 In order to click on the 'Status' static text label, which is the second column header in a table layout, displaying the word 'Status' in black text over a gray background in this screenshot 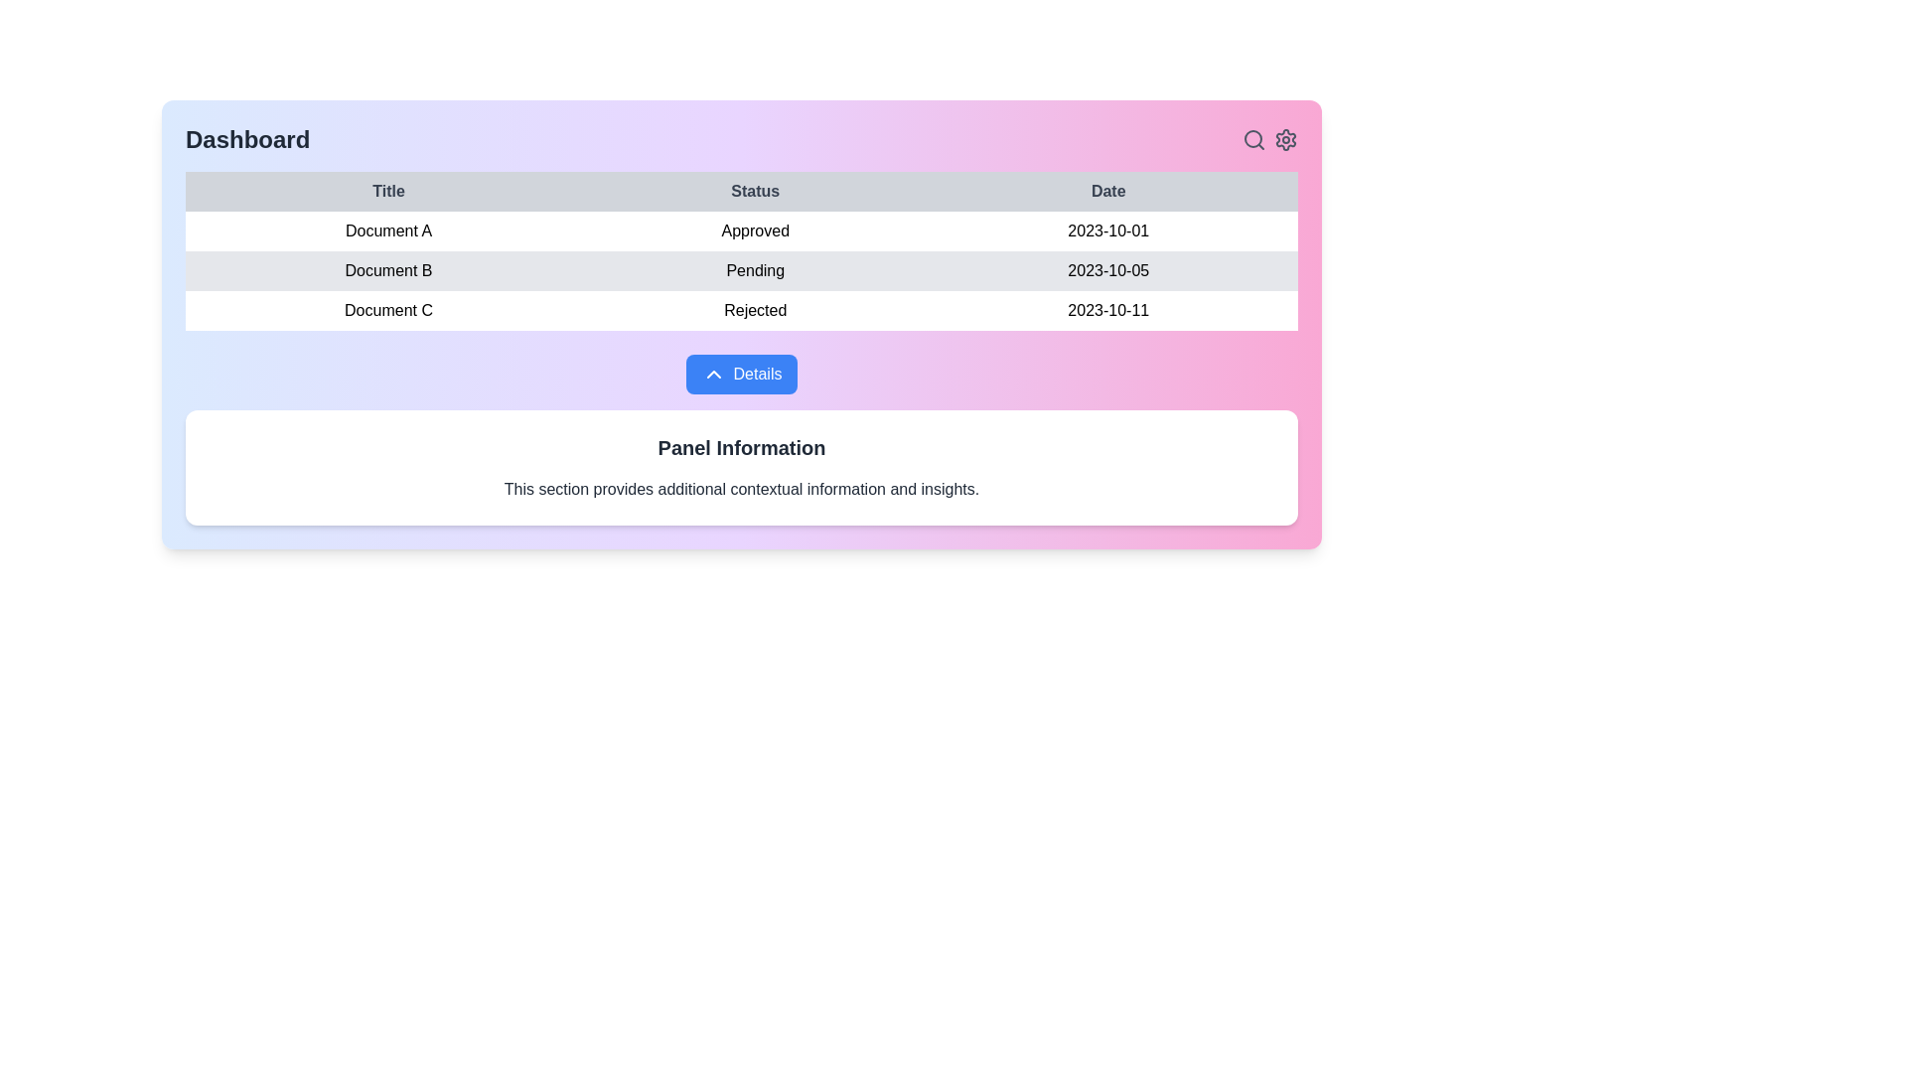, I will do `click(754, 191)`.